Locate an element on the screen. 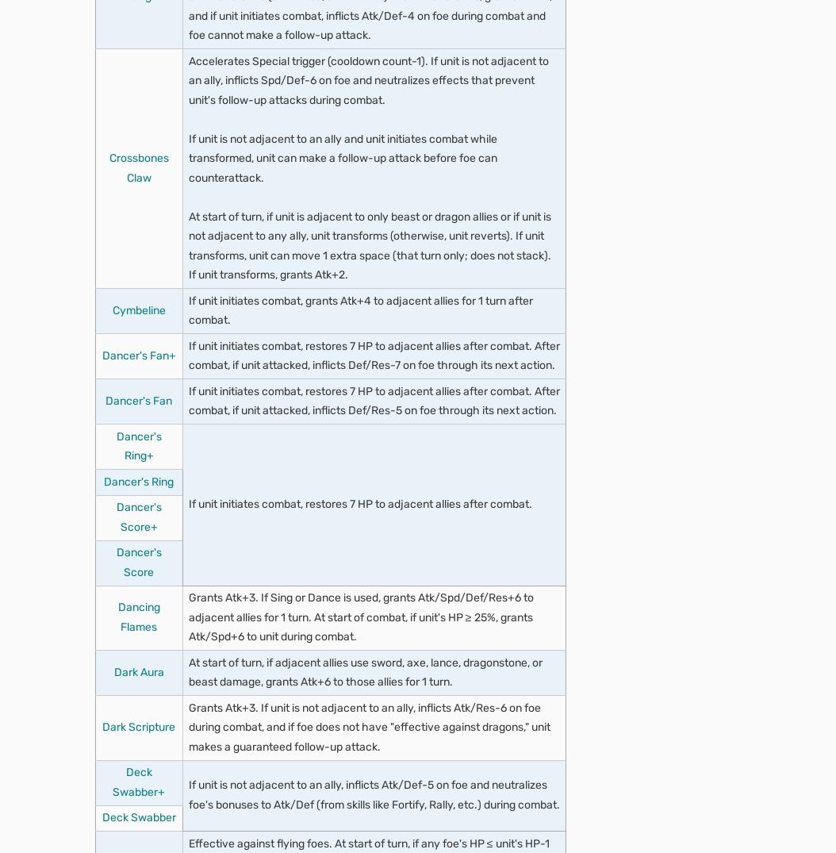  'Grants Atk/Spd+3 to adjacent allies during combat.' is located at coordinates (335, 107).